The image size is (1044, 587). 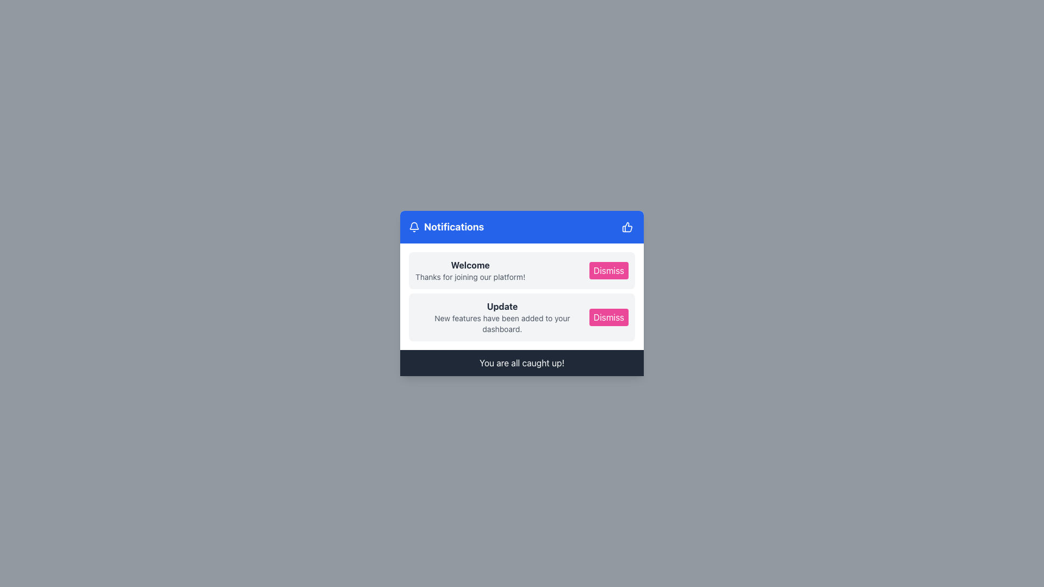 I want to click on bold text label displaying 'Welcome' in dark gray color located at the top center of the notification card, so click(x=470, y=265).